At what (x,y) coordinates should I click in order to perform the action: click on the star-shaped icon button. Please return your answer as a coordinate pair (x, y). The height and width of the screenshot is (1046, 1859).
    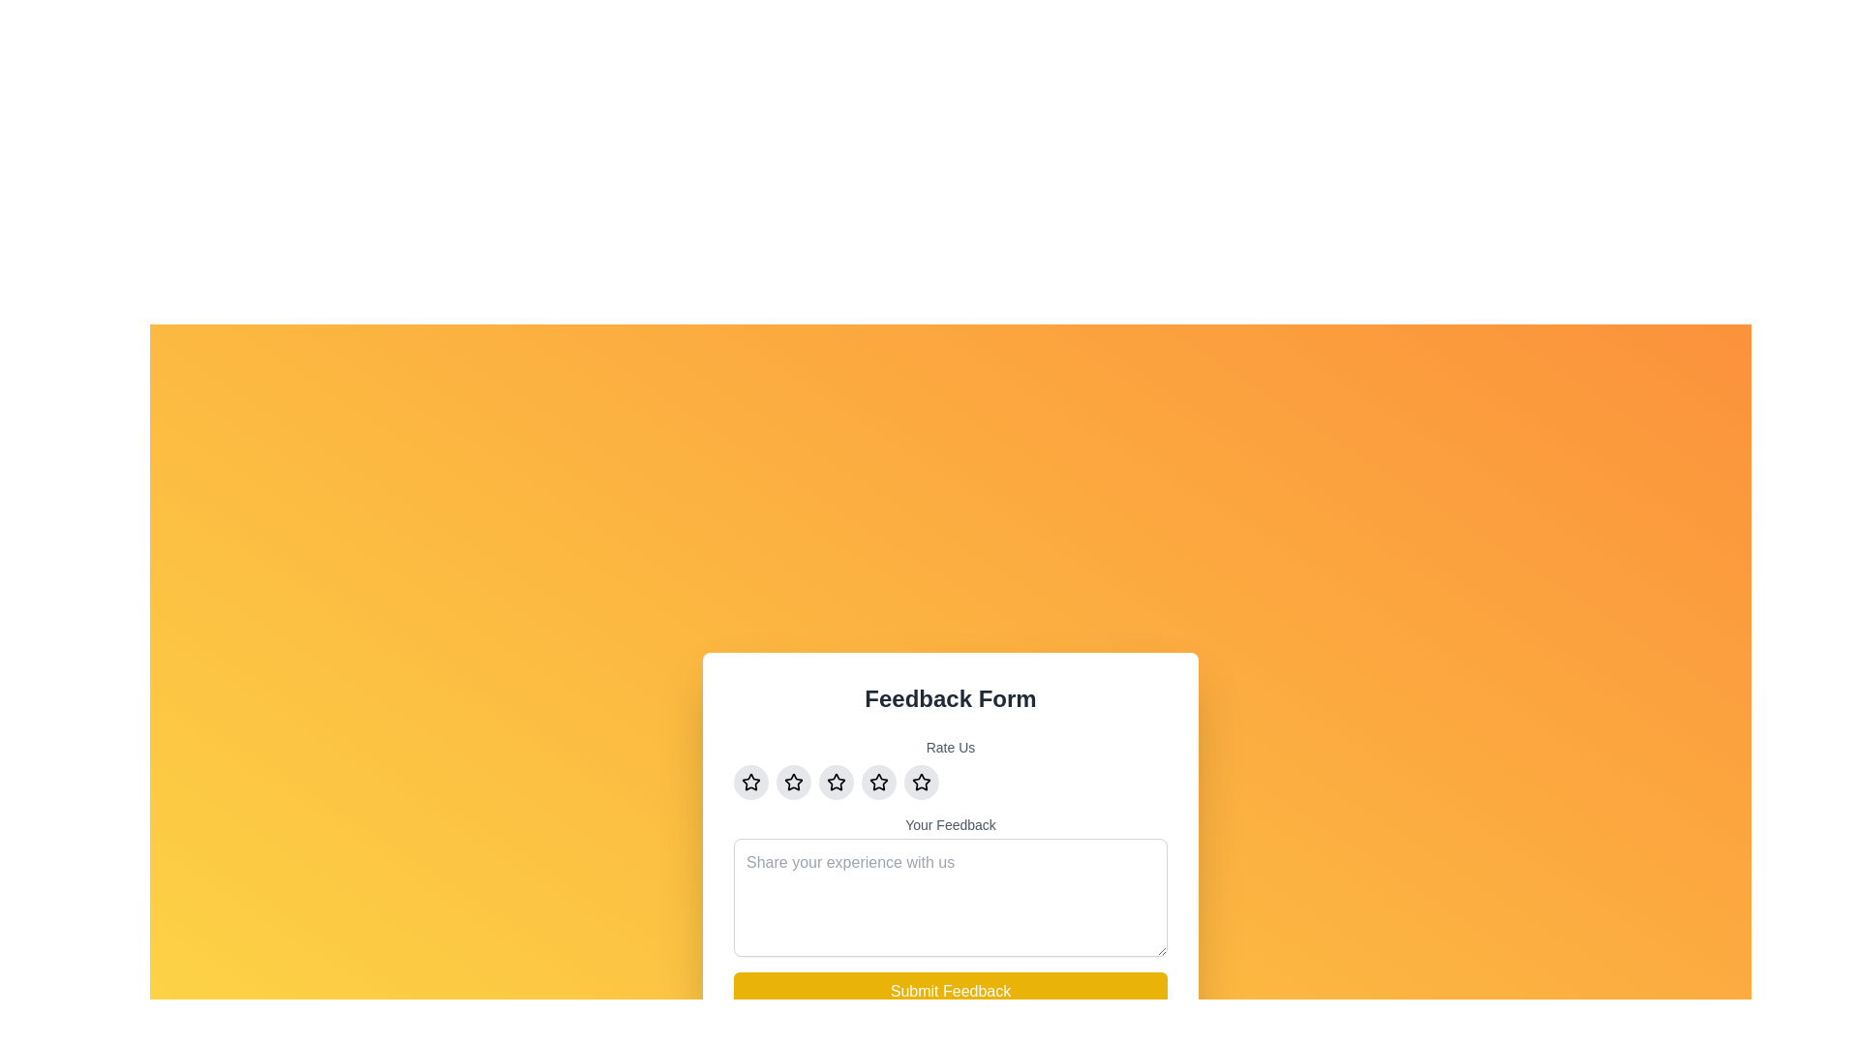
    Looking at the image, I should click on (877, 781).